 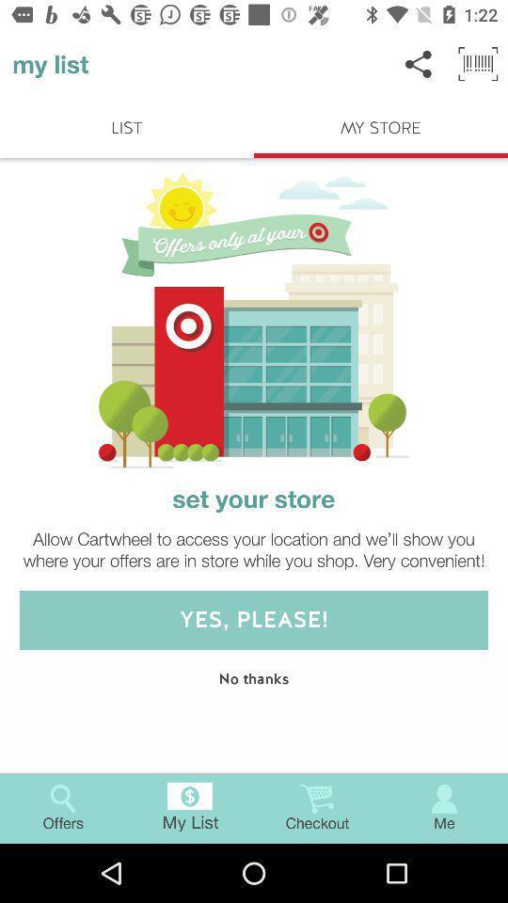 What do you see at coordinates (254, 619) in the screenshot?
I see `yes please` at bounding box center [254, 619].